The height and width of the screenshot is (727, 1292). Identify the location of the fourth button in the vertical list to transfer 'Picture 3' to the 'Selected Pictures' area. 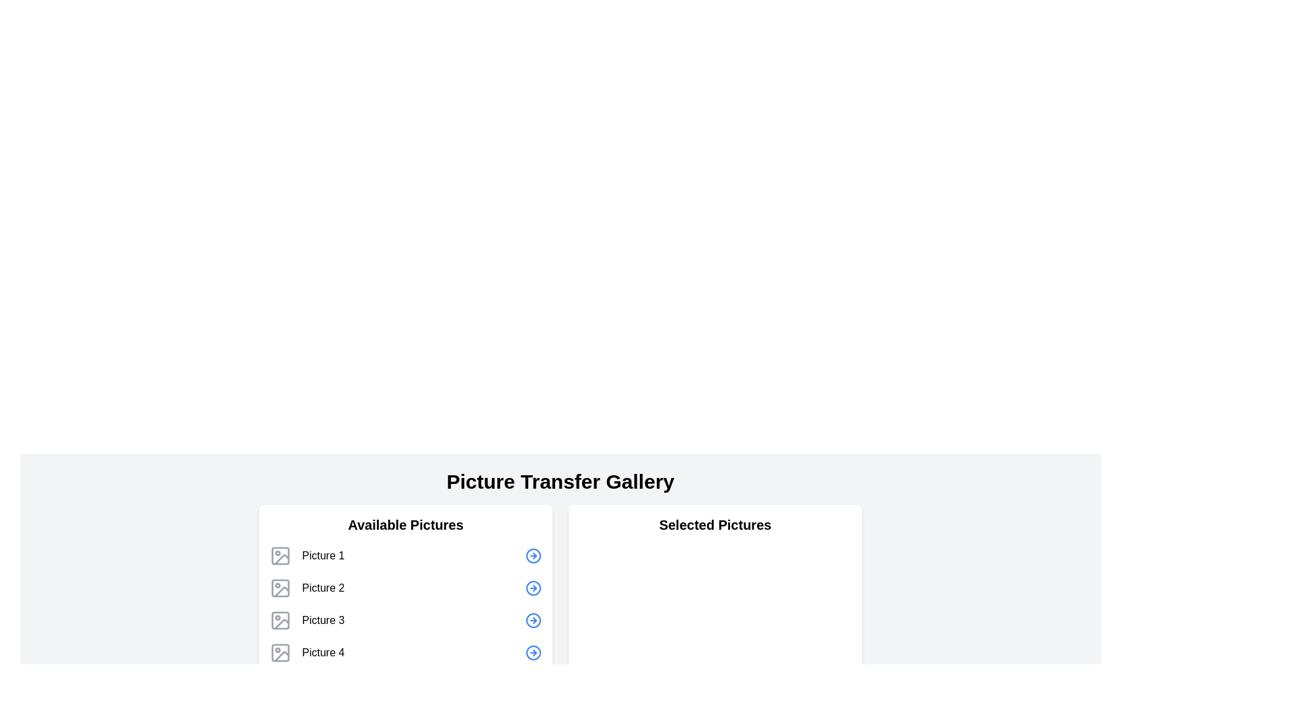
(532, 620).